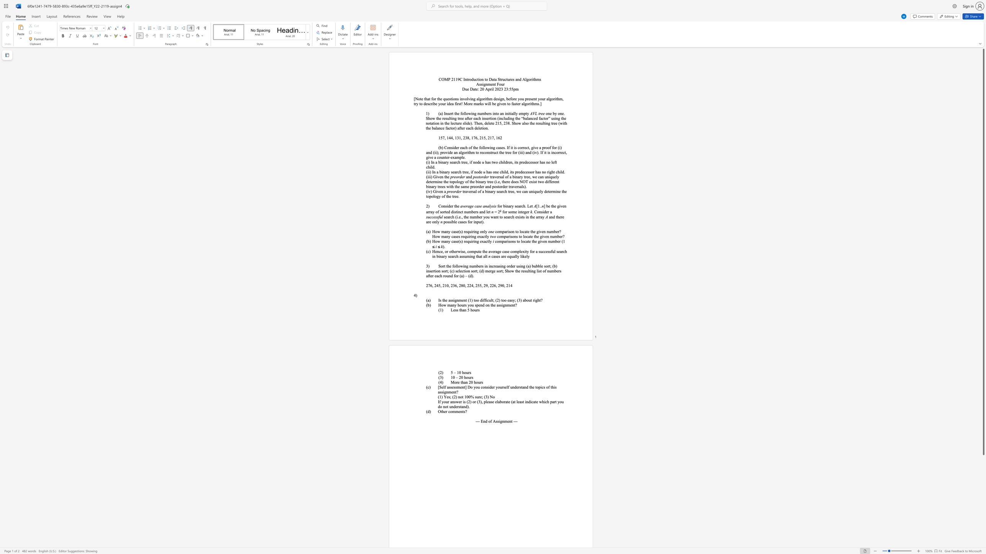 The height and width of the screenshot is (554, 986). What do you see at coordinates (481, 172) in the screenshot?
I see `the 4th character "e" in the text` at bounding box center [481, 172].